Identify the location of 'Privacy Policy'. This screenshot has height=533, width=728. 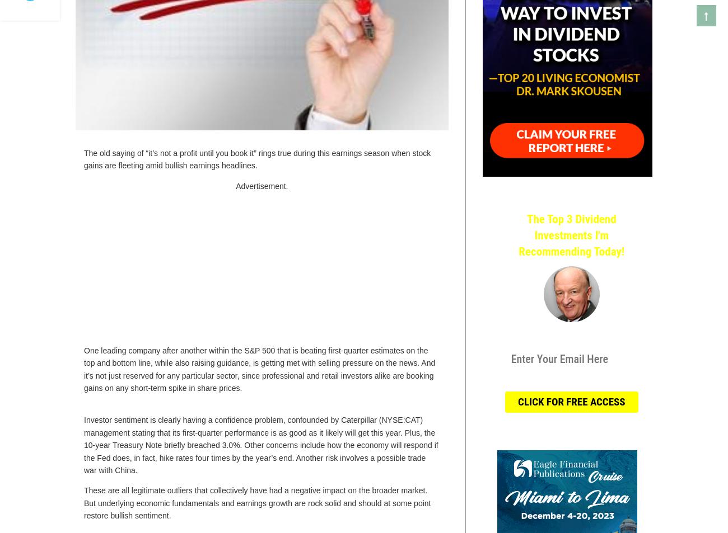
(615, 379).